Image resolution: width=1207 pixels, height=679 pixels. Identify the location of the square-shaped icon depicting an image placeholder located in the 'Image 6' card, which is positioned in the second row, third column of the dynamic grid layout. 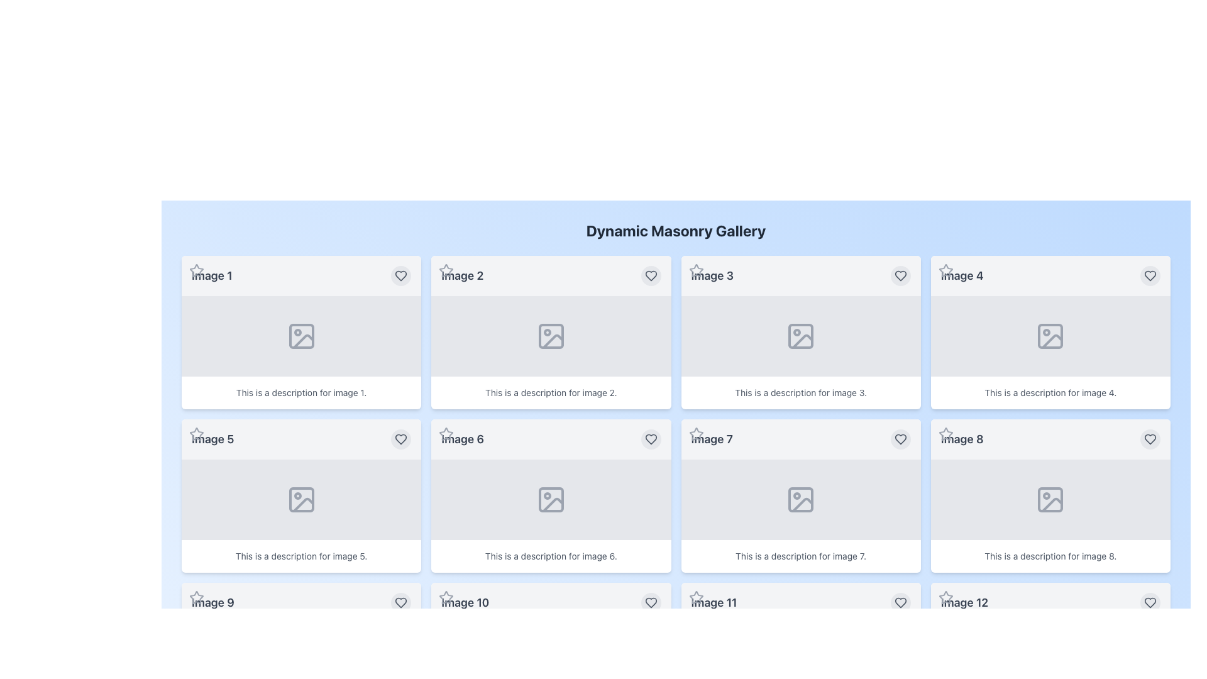
(551, 499).